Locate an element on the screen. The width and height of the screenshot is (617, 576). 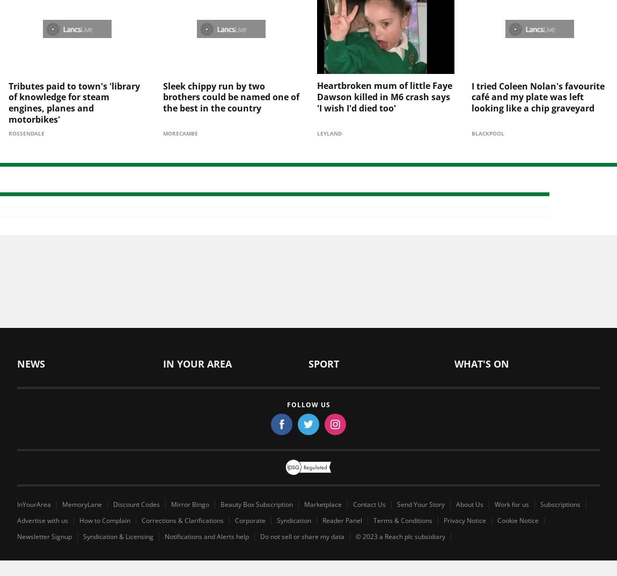
'Beauty Box Subscription' is located at coordinates (256, 485).